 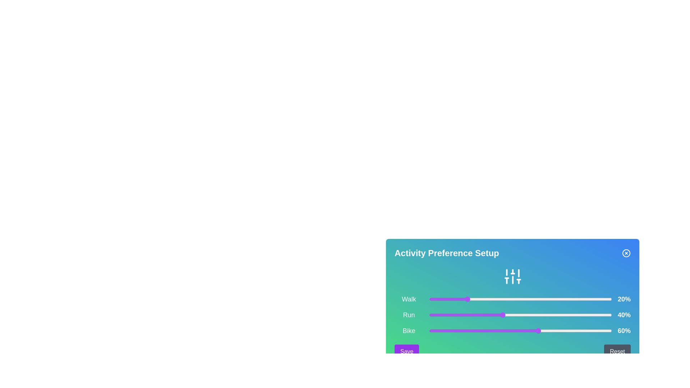 What do you see at coordinates (571, 299) in the screenshot?
I see `the slider for 0 to 78%` at bounding box center [571, 299].